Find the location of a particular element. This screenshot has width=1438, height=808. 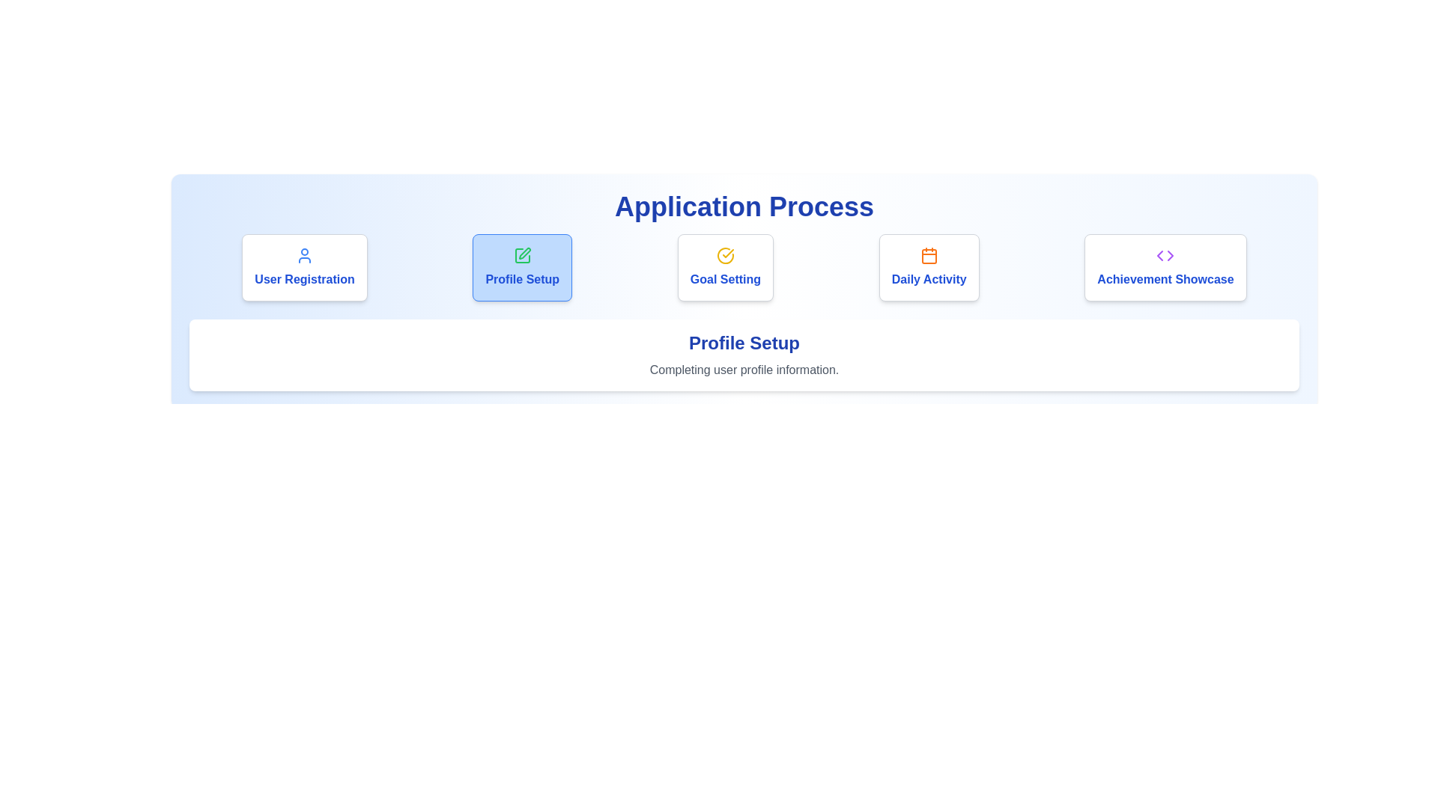

the Text Label that indicates the section is related to setting up the user's profile, positioned below the 'Application Process' title and above the descriptive text 'Completing user profile information.' is located at coordinates (744, 343).